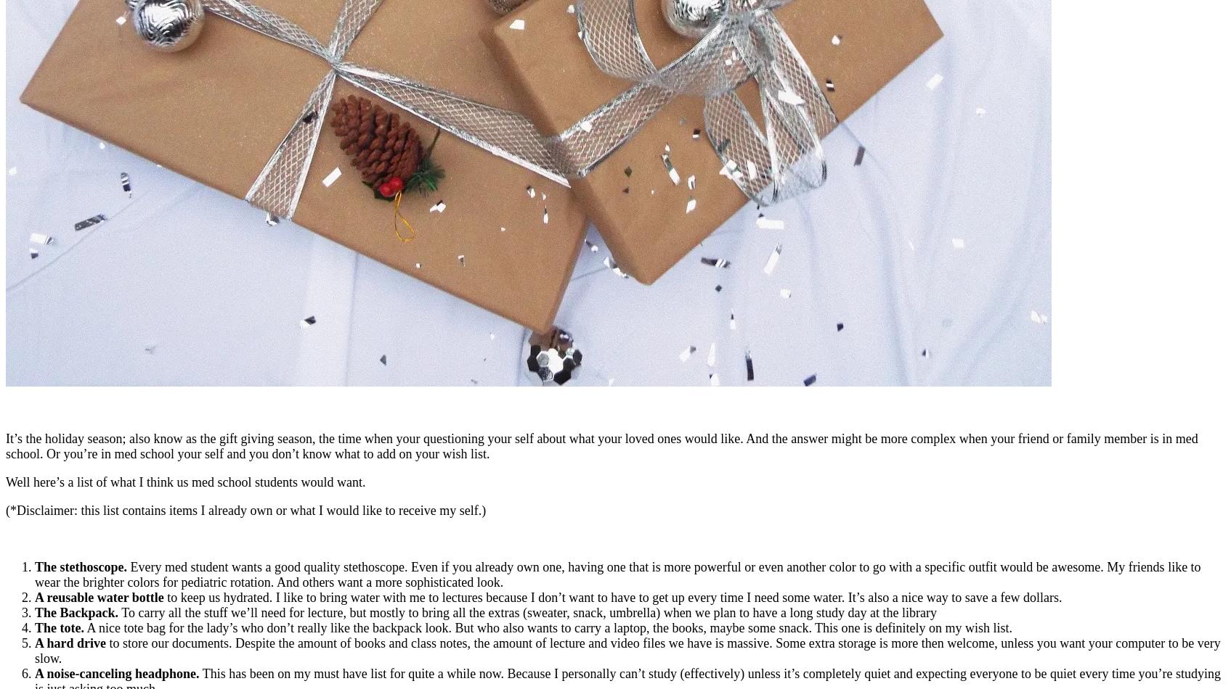 This screenshot has width=1231, height=689. Describe the element at coordinates (80, 565) in the screenshot. I see `'The stethoscope.'` at that location.